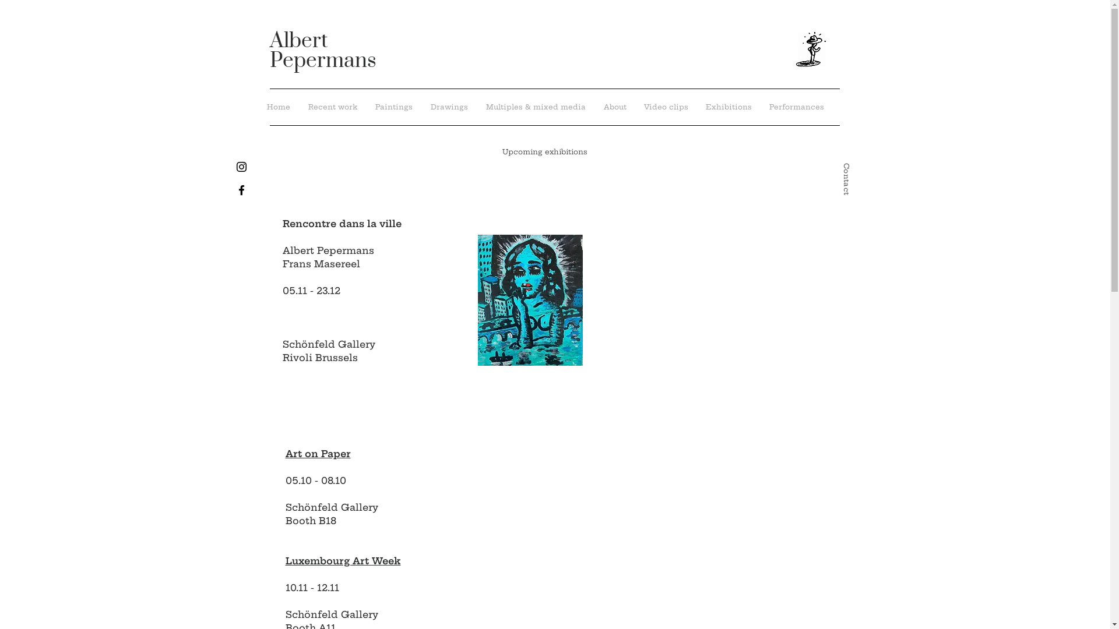 This screenshot has width=1119, height=629. What do you see at coordinates (282, 224) in the screenshot?
I see `'Rencontre dans la ville'` at bounding box center [282, 224].